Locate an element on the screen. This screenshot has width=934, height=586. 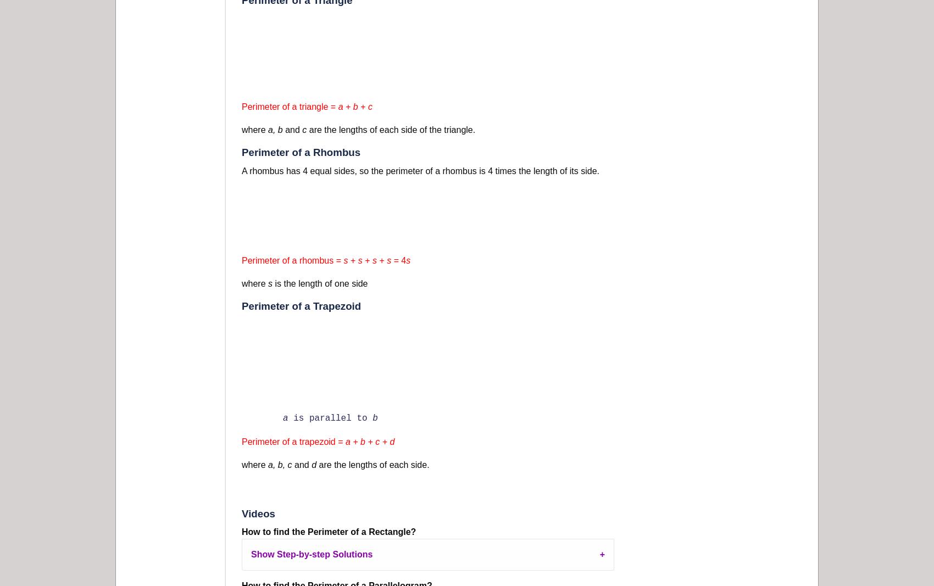
'a + b + c + d' is located at coordinates (370, 441).